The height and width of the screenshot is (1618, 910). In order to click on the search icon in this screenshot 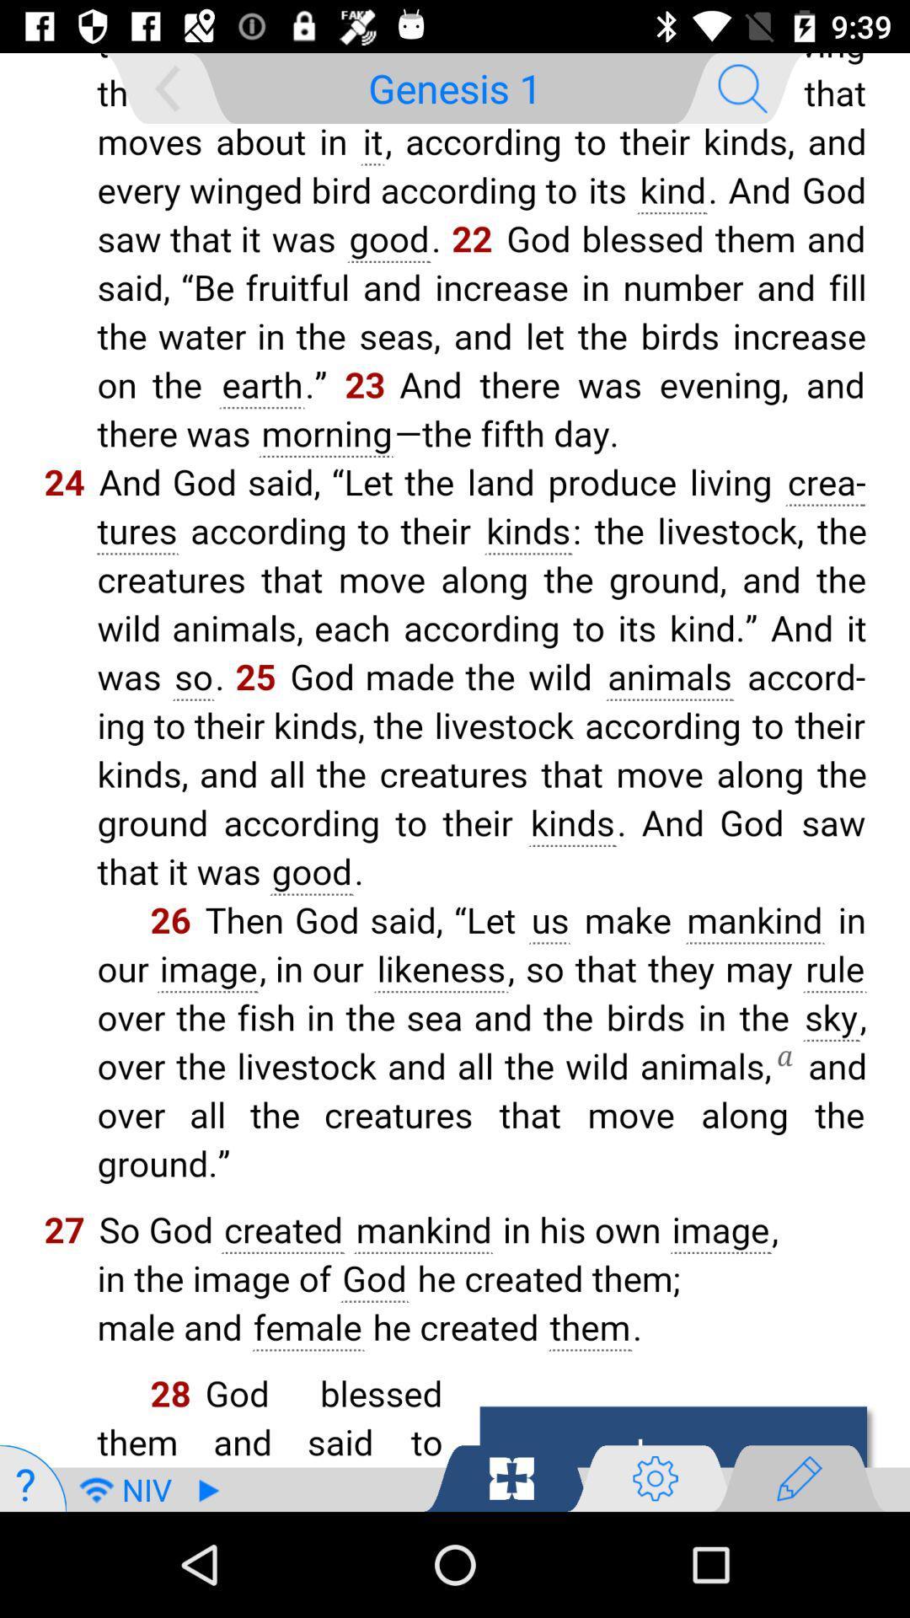, I will do `click(741, 88)`.